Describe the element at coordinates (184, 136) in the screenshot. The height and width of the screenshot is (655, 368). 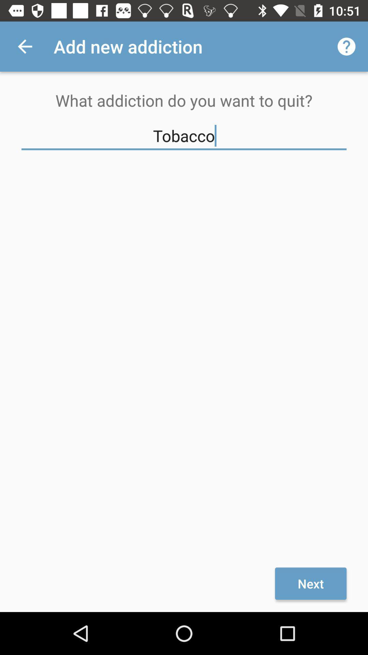
I see `the icon above the next` at that location.